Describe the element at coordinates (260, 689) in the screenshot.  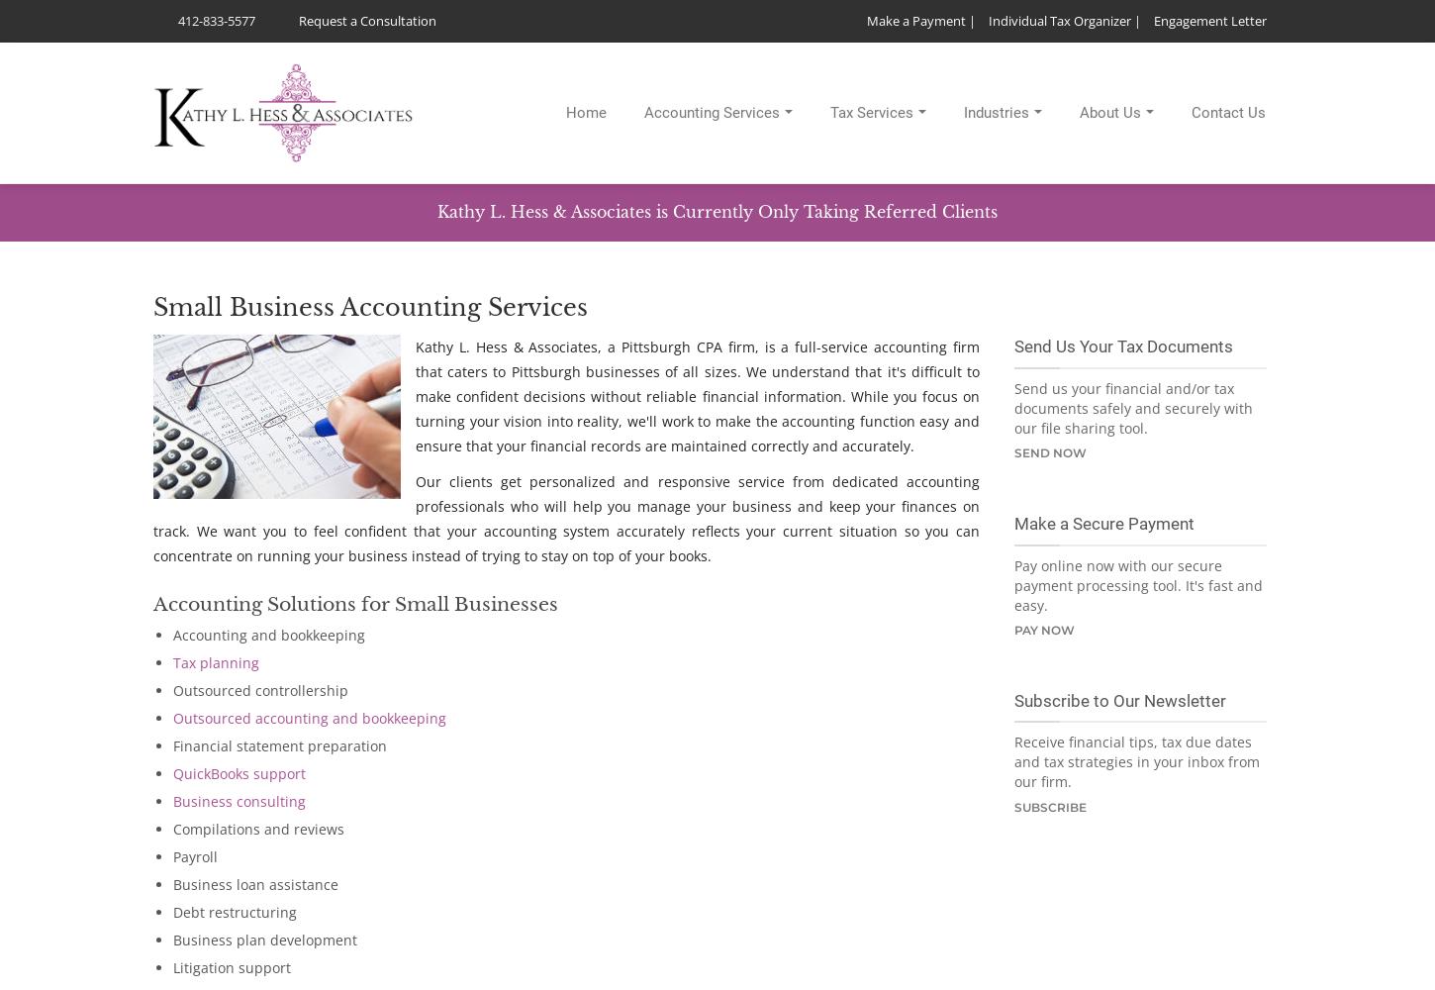
I see `'Outsourced controllership'` at that location.